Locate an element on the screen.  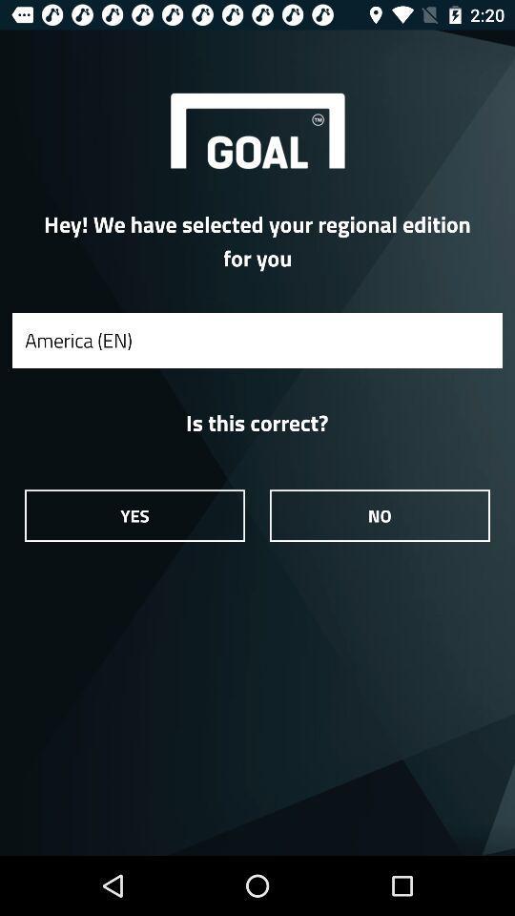
item to the right of the yes is located at coordinates (380, 514).